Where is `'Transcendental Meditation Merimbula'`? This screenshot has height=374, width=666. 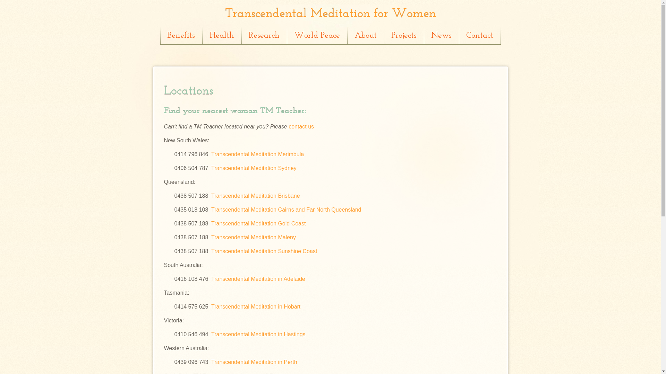
'Transcendental Meditation Merimbula' is located at coordinates (257, 154).